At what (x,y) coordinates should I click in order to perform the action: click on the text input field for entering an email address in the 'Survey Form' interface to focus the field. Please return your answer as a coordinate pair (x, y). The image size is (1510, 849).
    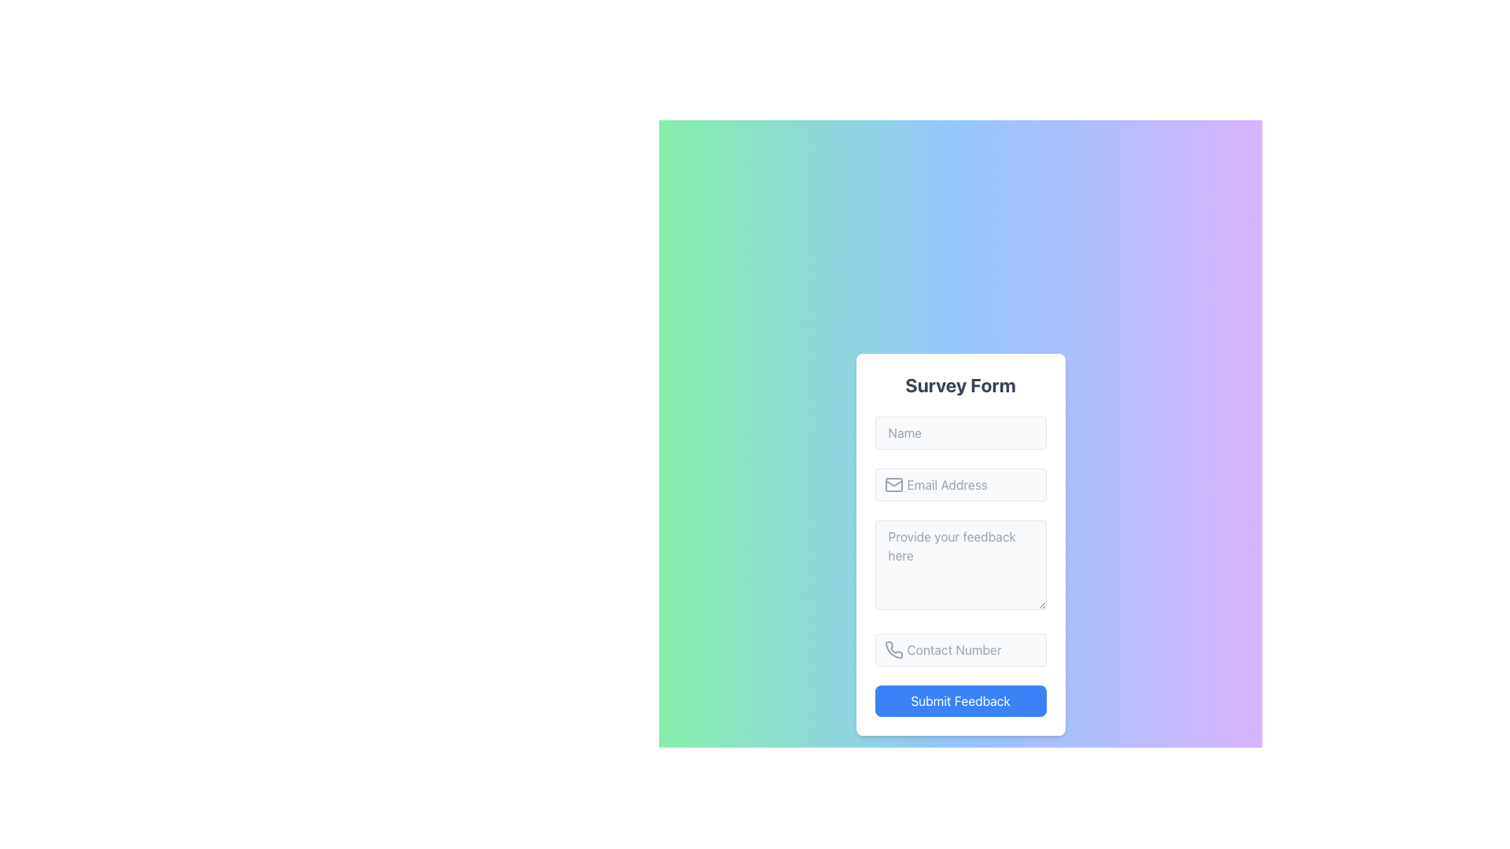
    Looking at the image, I should click on (959, 484).